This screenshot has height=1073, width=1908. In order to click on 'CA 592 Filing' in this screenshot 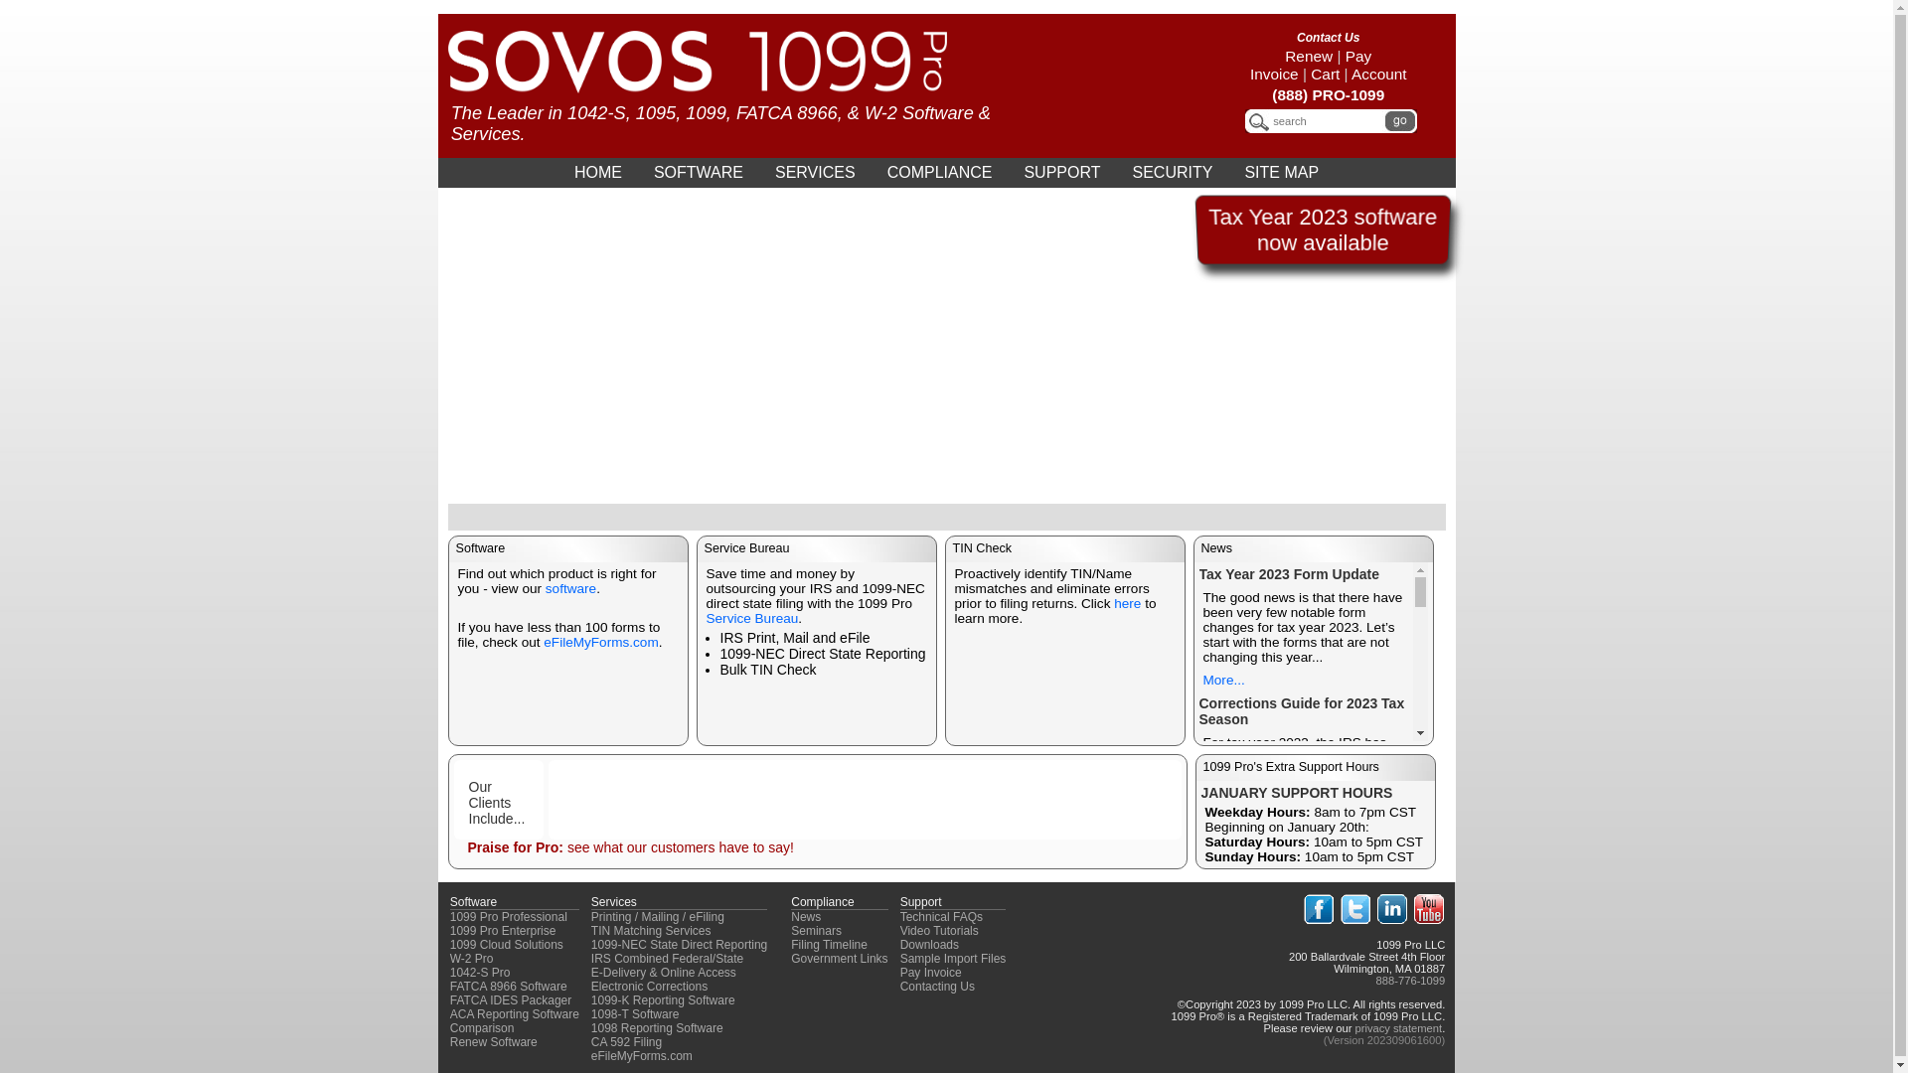, I will do `click(625, 1041)`.